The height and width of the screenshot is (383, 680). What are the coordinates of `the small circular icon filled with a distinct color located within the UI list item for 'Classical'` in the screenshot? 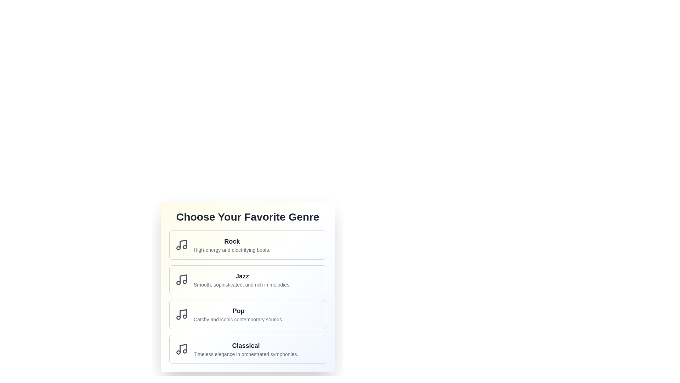 It's located at (185, 351).